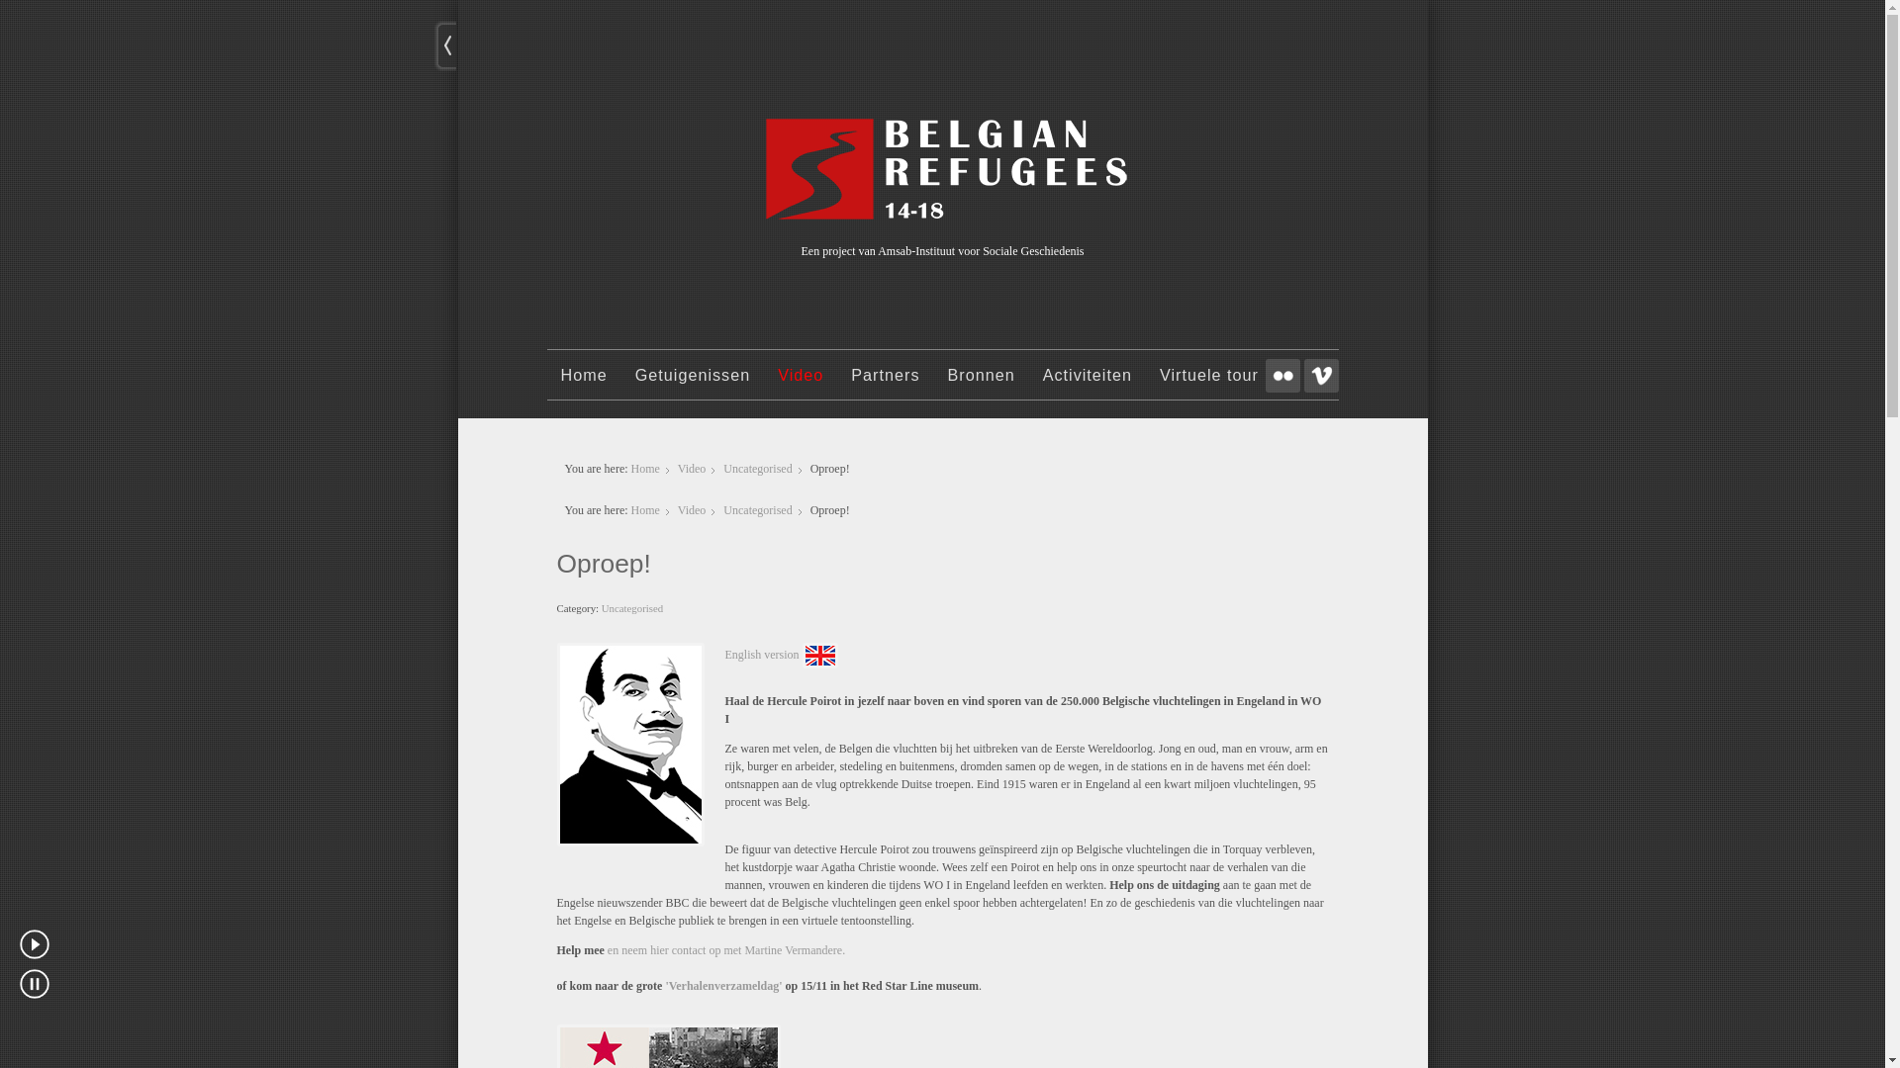 This screenshot has width=1900, height=1068. What do you see at coordinates (1263, 376) in the screenshot?
I see `'Flickr'` at bounding box center [1263, 376].